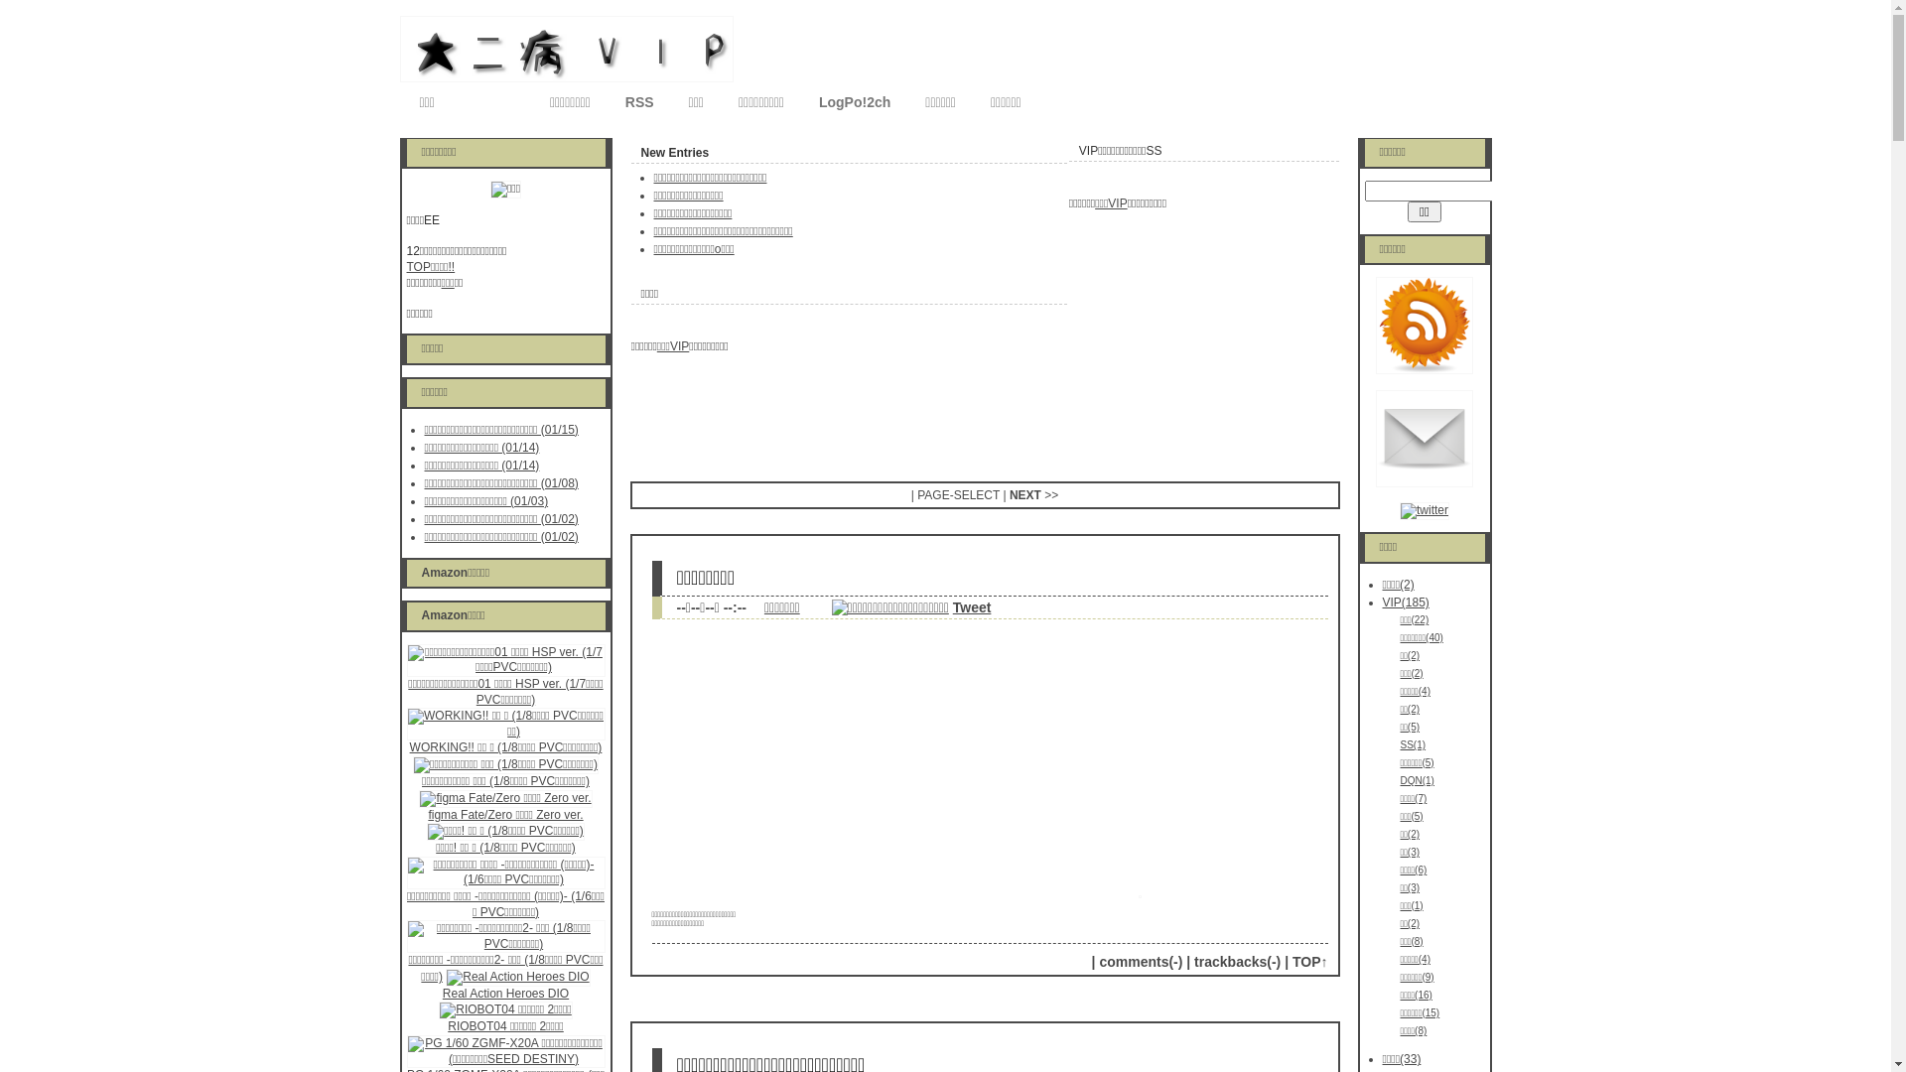 This screenshot has height=1072, width=1906. Describe the element at coordinates (1399, 779) in the screenshot. I see `'DQN(1)'` at that location.